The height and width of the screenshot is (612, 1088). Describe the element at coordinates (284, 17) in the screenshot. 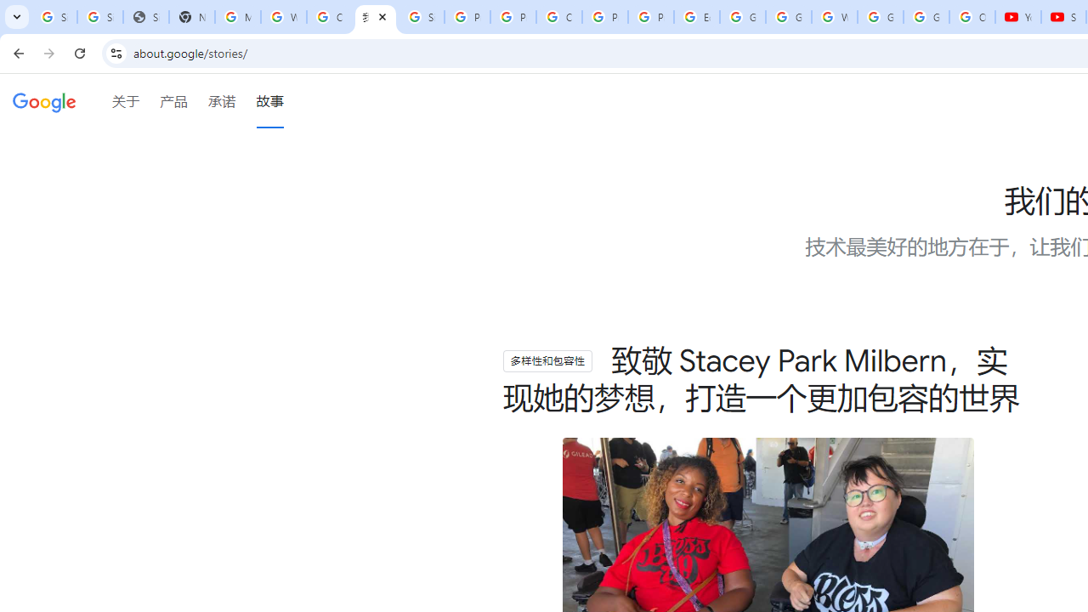

I see `'Who is my administrator? - Google Account Help'` at that location.